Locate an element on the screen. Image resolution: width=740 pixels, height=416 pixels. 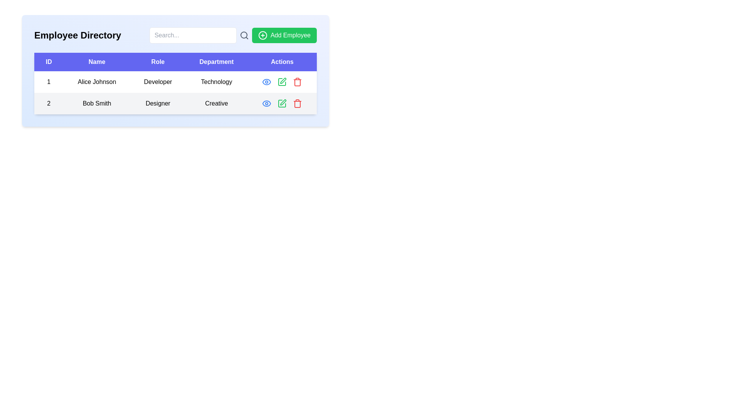
the 'Department' column header in the table, which is styled with a bold white sans-serif font on a blue background is located at coordinates (216, 62).